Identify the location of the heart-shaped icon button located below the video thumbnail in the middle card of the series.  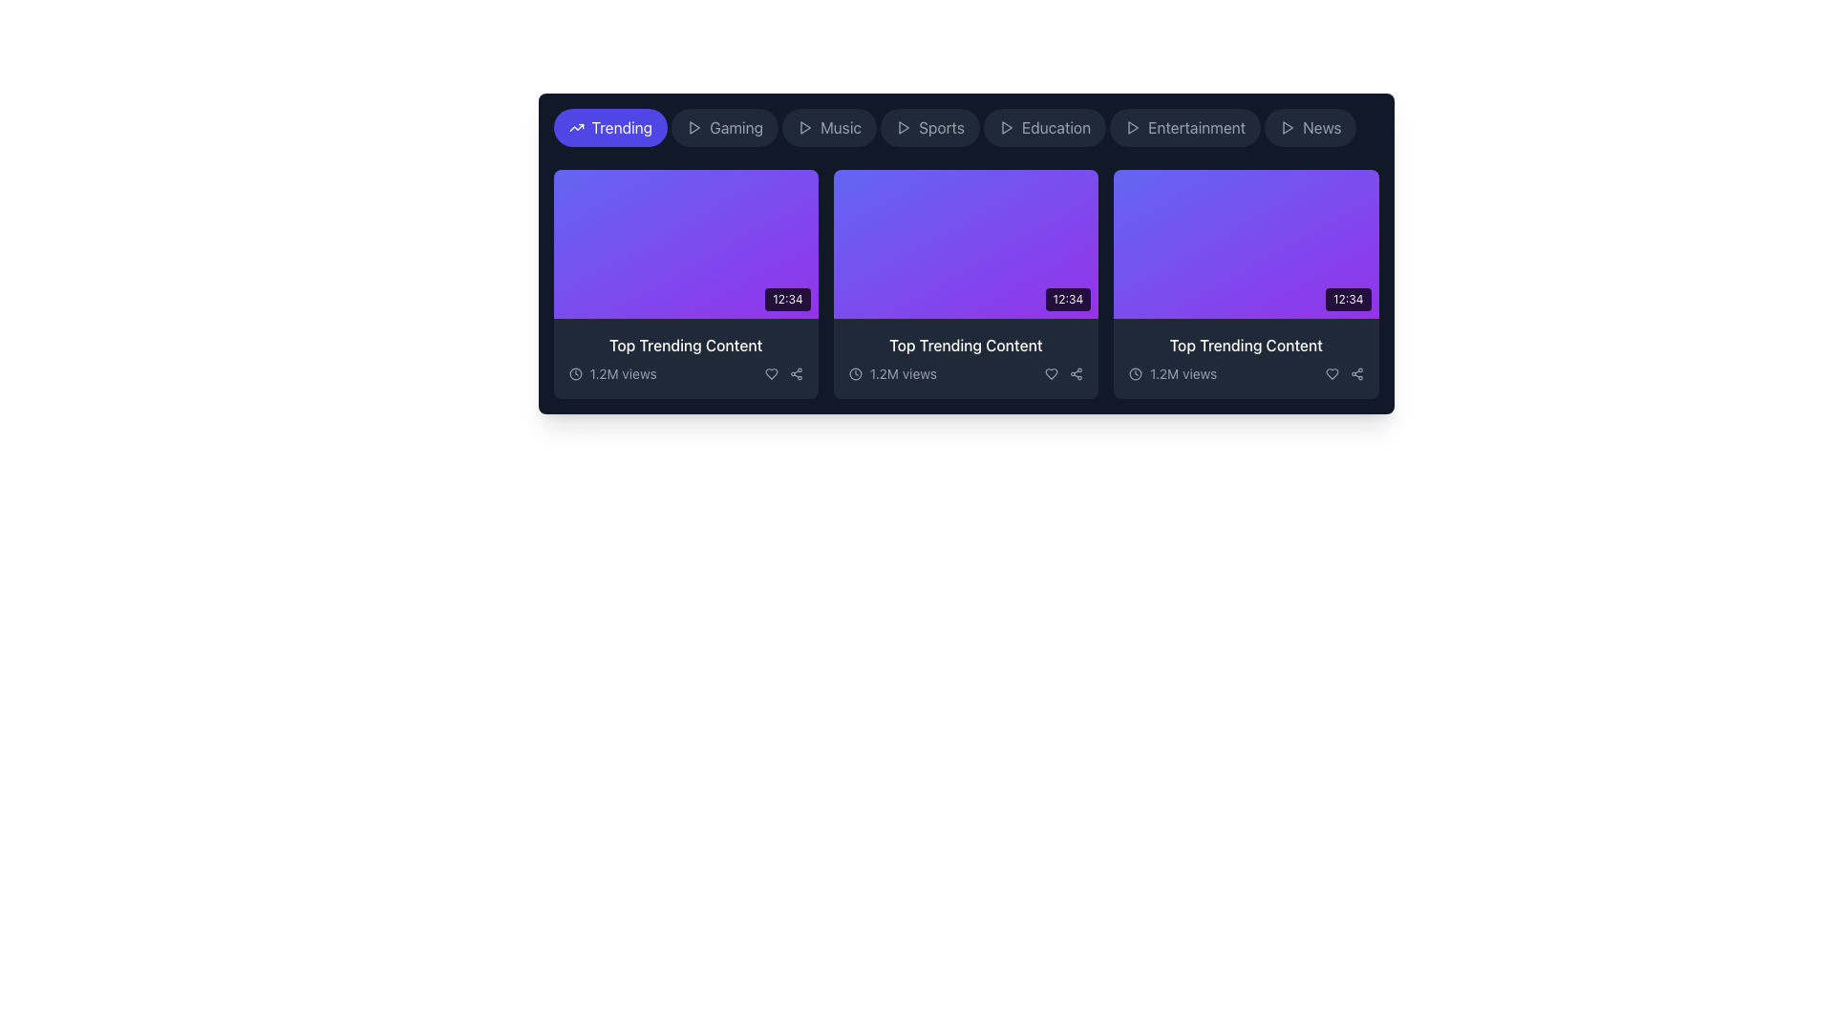
(1051, 373).